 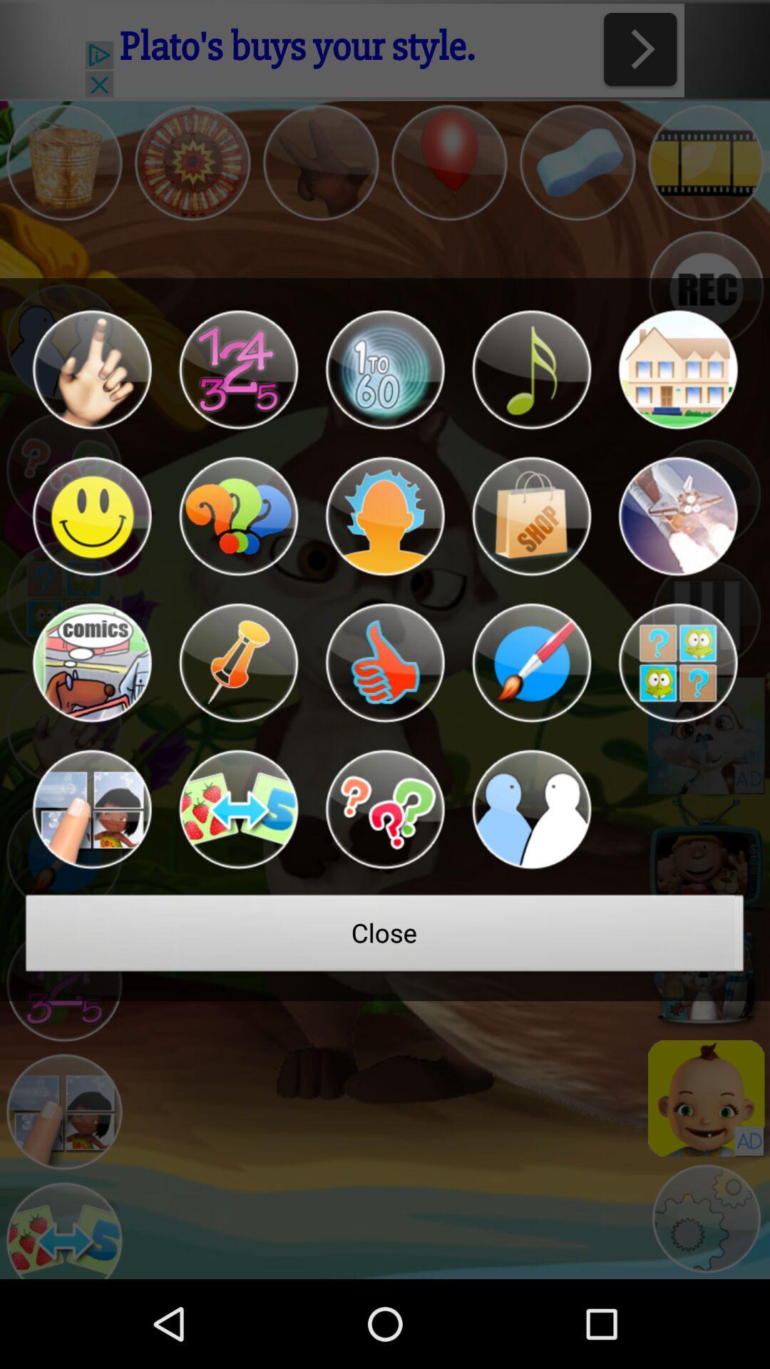 I want to click on music, so click(x=531, y=369).